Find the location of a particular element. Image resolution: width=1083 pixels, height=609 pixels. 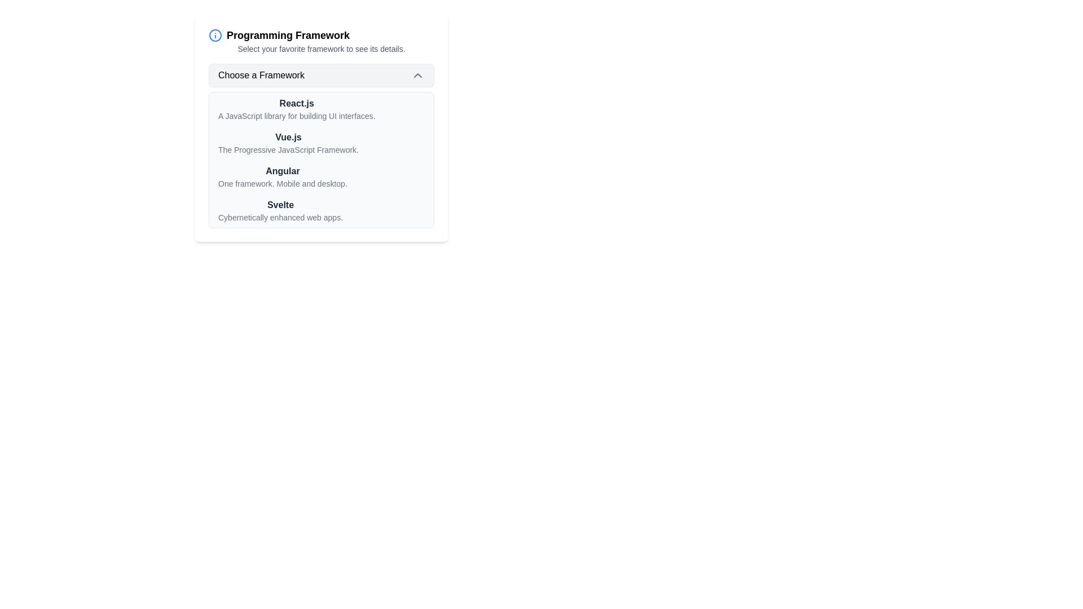

the 'Vue.js' framework text label in the second row of the 'Choose a Framework' section is located at coordinates (288, 143).